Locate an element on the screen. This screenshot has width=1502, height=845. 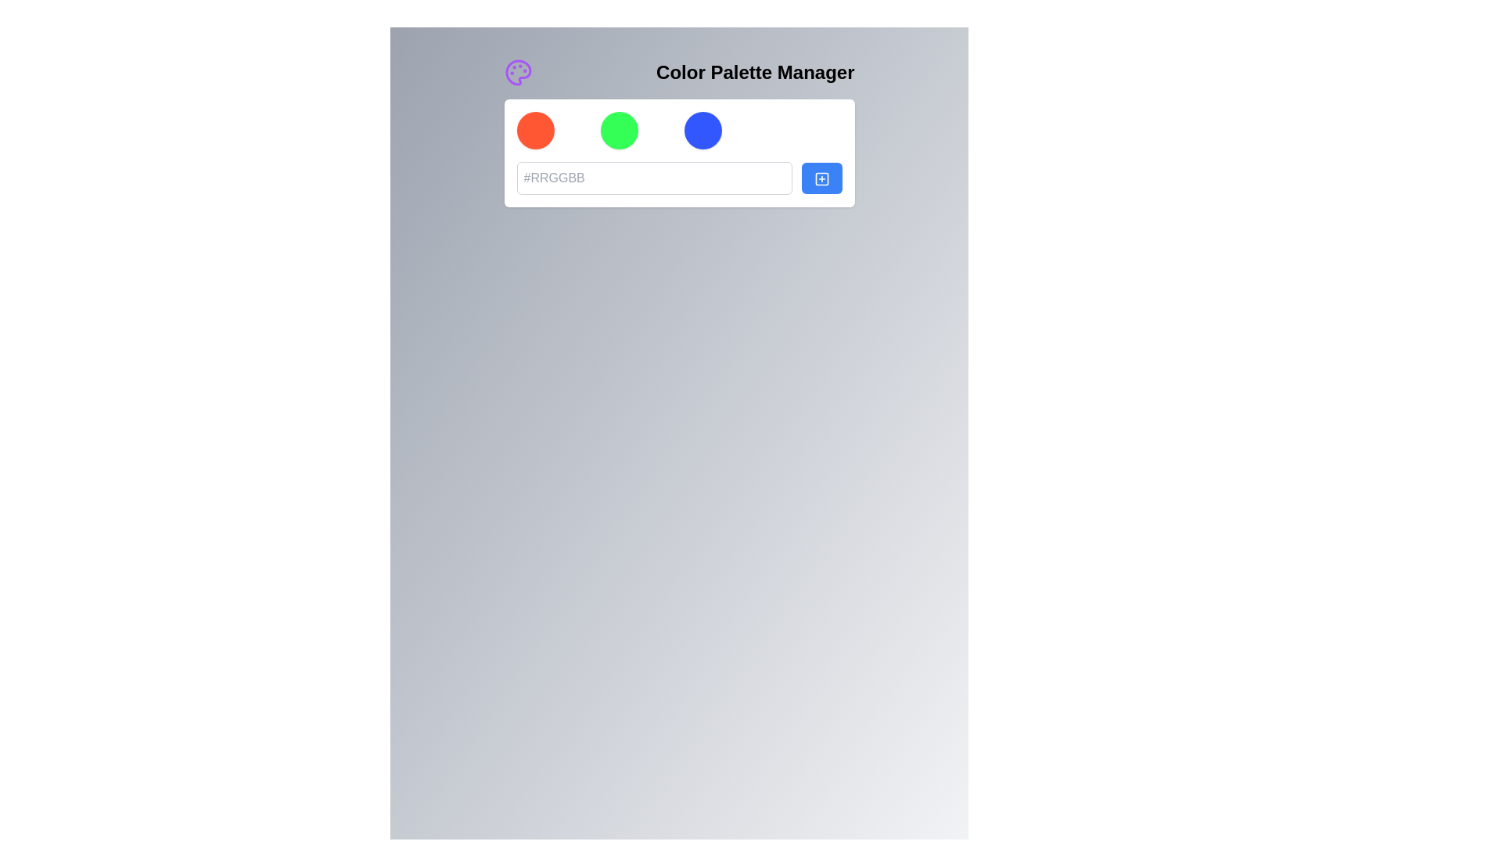
the add action icon located within the blue button on the right of the input field is located at coordinates (821, 178).